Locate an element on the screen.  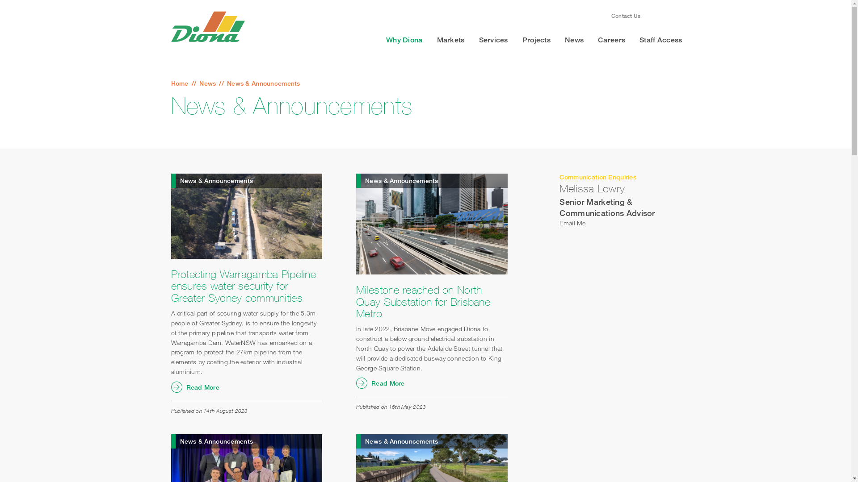
'Home' is located at coordinates (171, 83).